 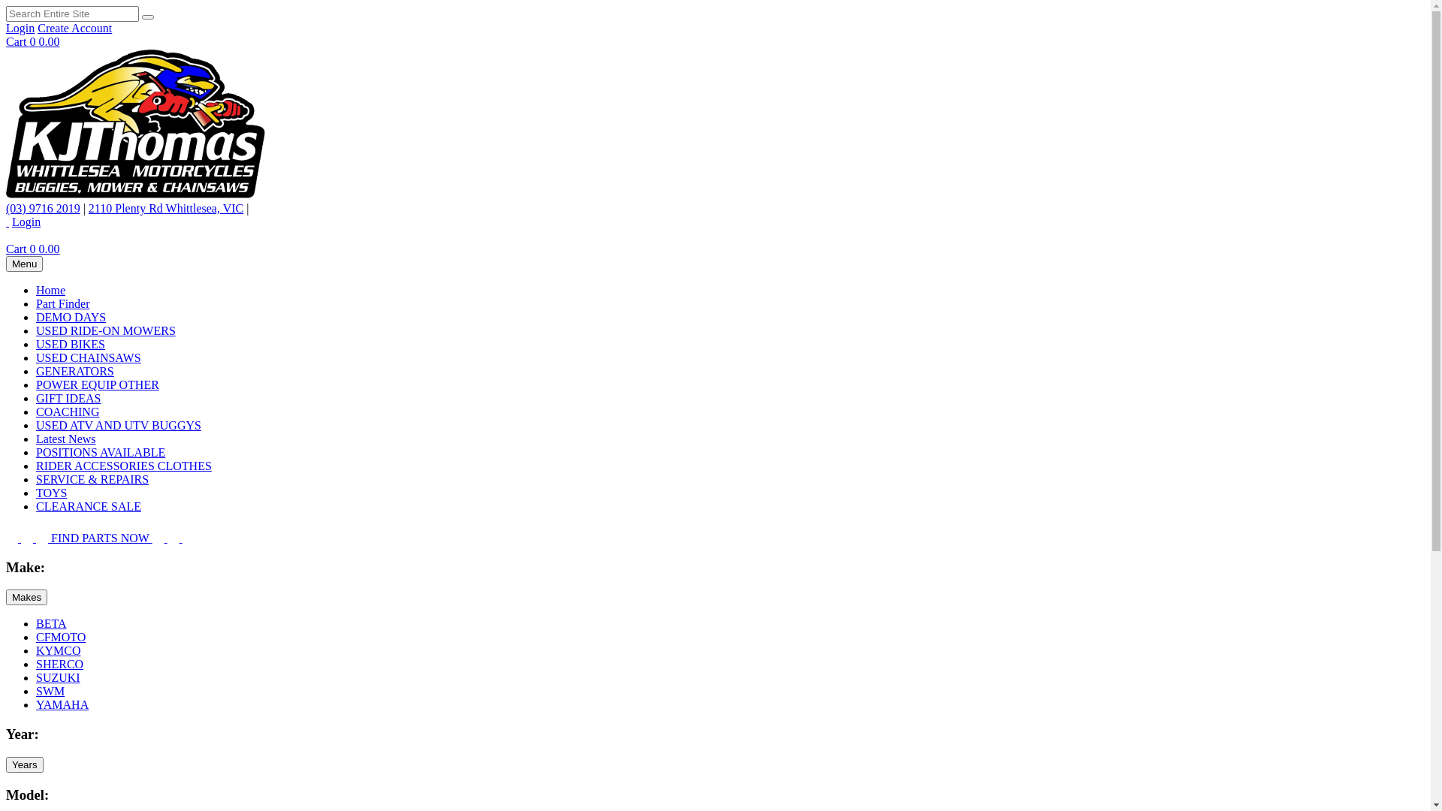 What do you see at coordinates (65, 439) in the screenshot?
I see `'Latest News'` at bounding box center [65, 439].